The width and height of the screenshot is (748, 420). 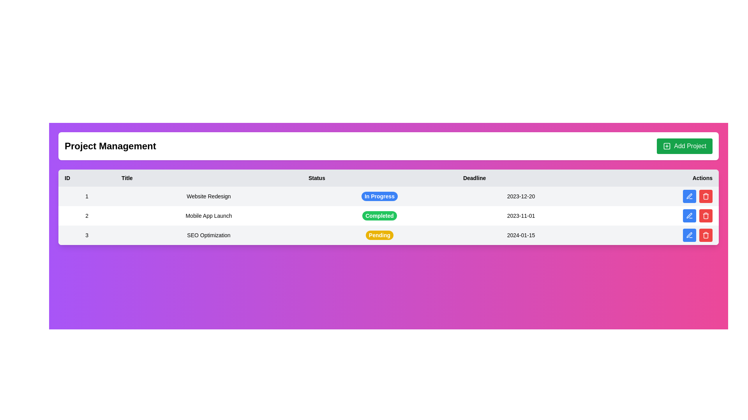 I want to click on the trash bin icon in the Actions column of the third row in the project management table, so click(x=706, y=196).